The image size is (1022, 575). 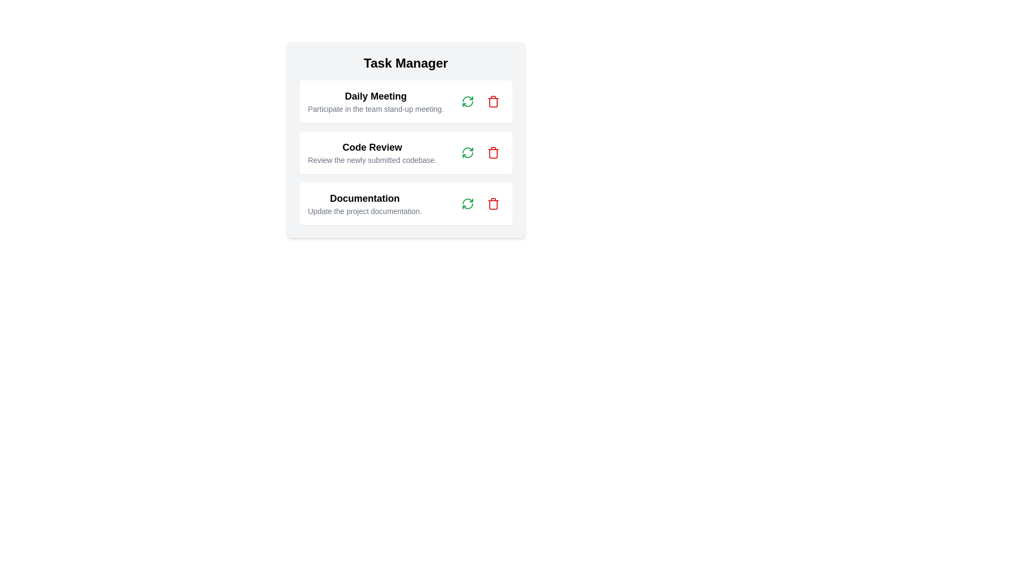 What do you see at coordinates (467, 203) in the screenshot?
I see `the circular green button with a clockwise refresh icon located near the 'Documentation' label to refresh the documentation task` at bounding box center [467, 203].